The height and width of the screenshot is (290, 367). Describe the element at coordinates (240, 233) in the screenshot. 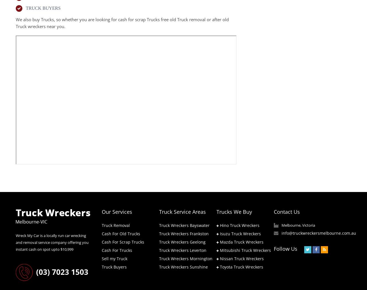

I see `'Isuzu Truck Wreckers'` at that location.